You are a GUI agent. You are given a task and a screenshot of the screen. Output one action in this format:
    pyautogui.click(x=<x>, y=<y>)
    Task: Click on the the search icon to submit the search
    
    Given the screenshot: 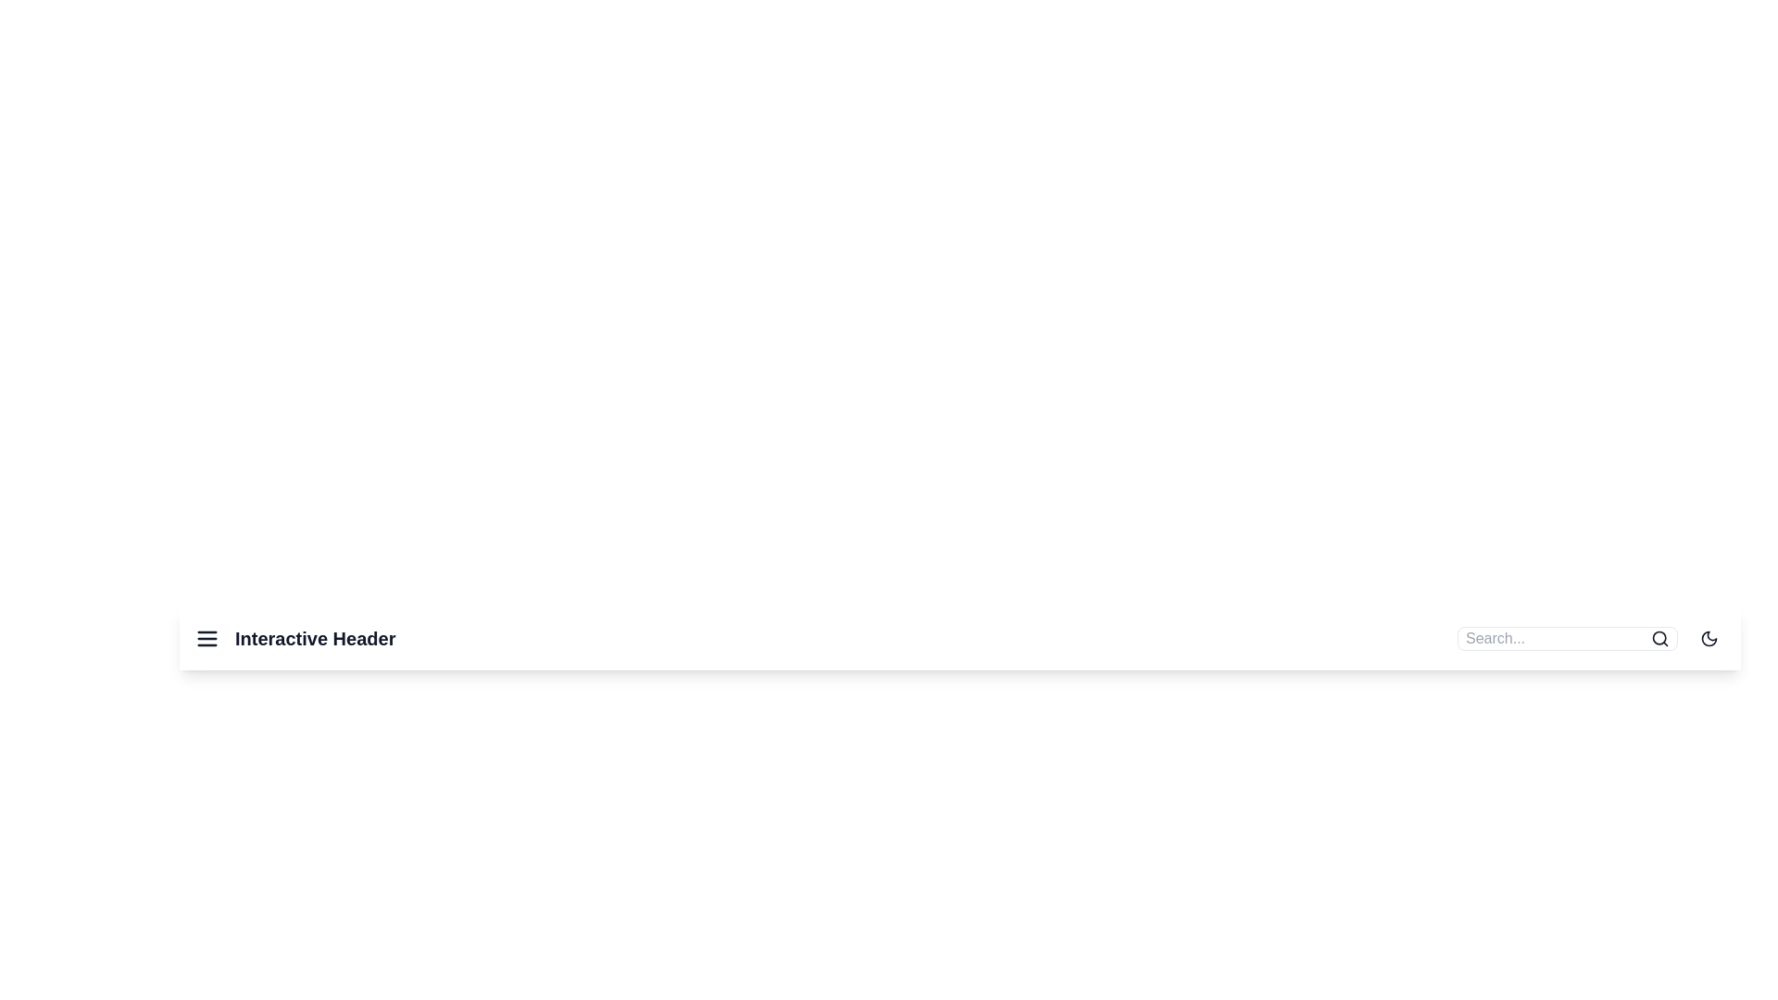 What is the action you would take?
    pyautogui.click(x=1660, y=638)
    